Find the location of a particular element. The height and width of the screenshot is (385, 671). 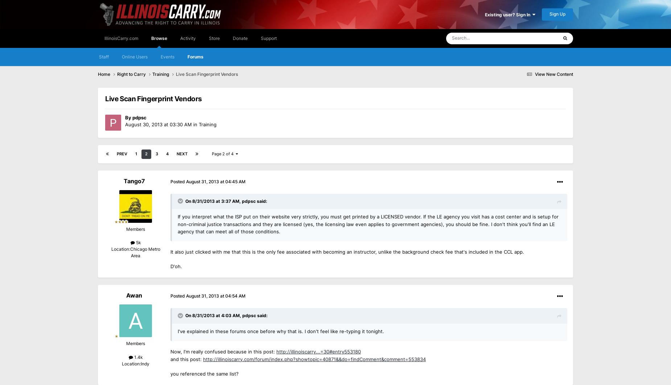

'August 30, 2013 at 03:30  AM' is located at coordinates (158, 124).